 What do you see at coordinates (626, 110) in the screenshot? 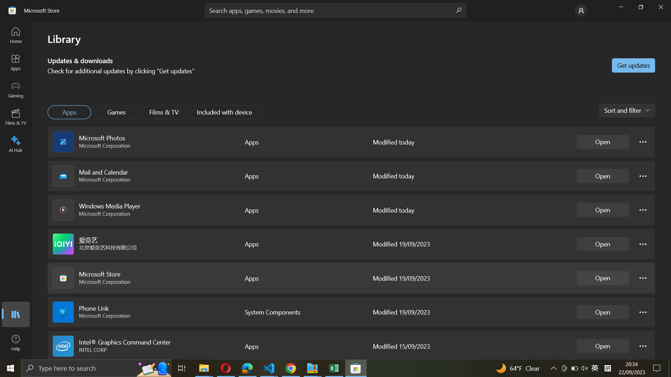
I see `Utilize the application sorting functionality` at bounding box center [626, 110].